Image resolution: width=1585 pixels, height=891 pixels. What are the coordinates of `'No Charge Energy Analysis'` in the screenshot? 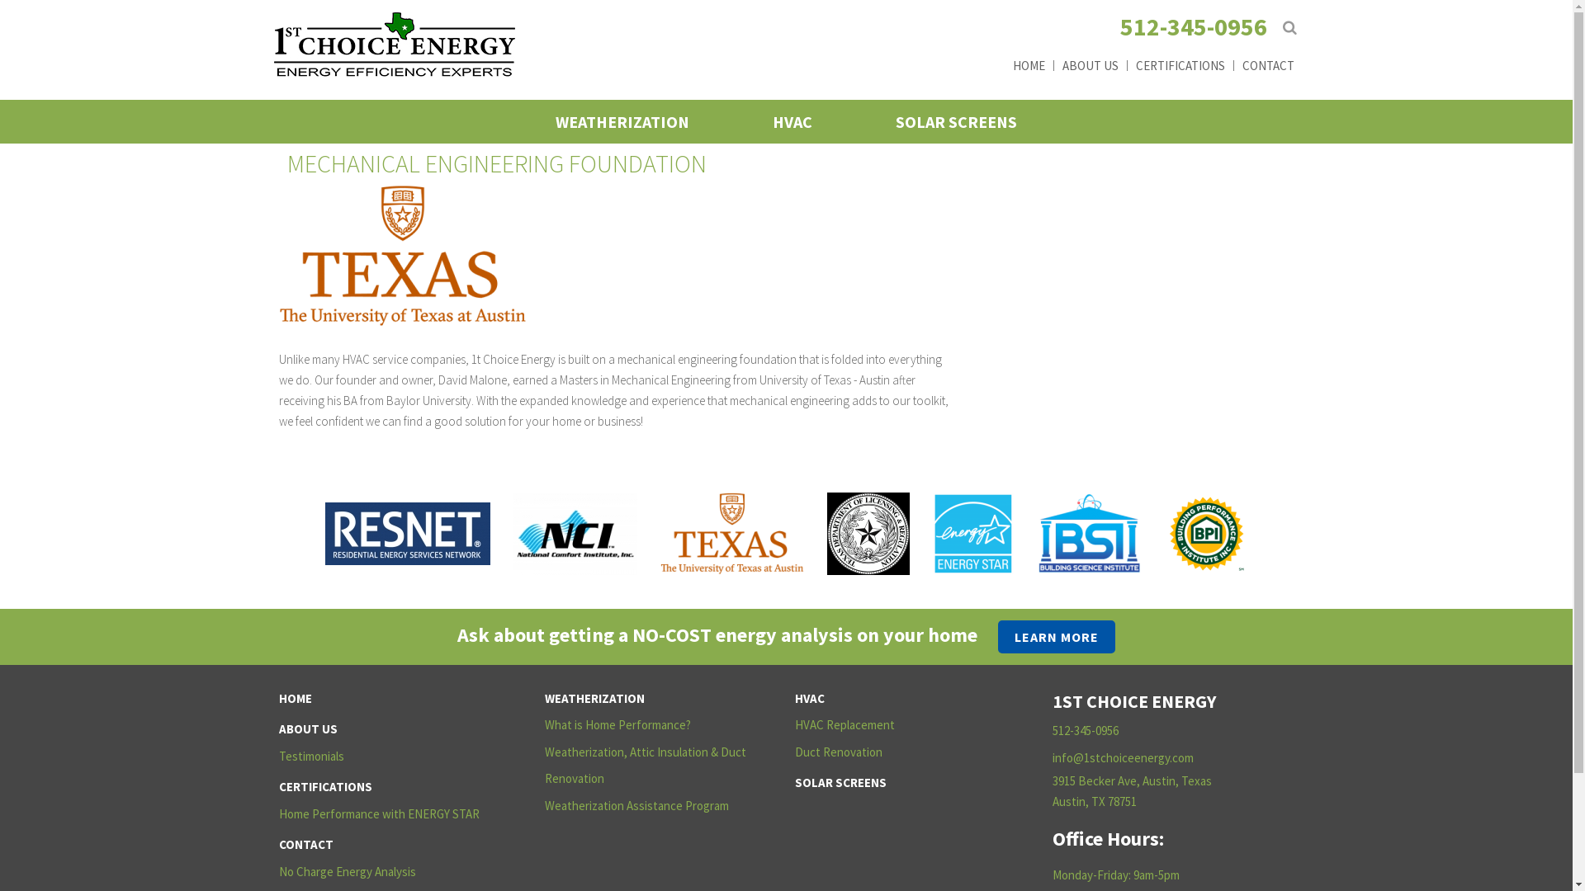 It's located at (390, 871).